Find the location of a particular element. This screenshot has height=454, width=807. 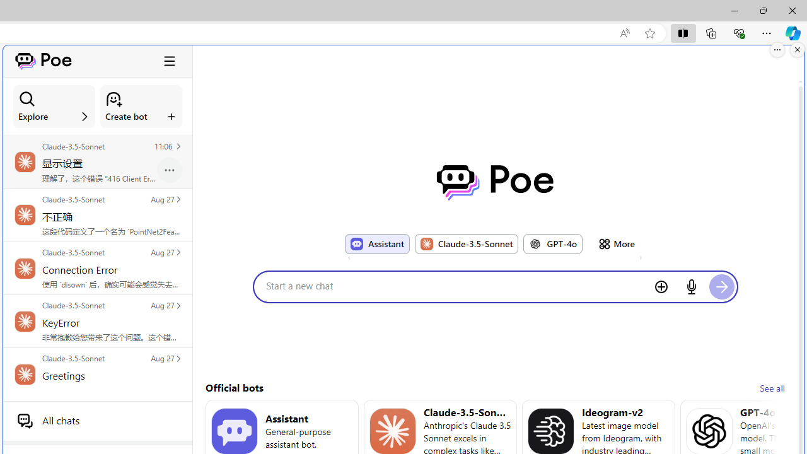

'All chats' is located at coordinates (96, 421).